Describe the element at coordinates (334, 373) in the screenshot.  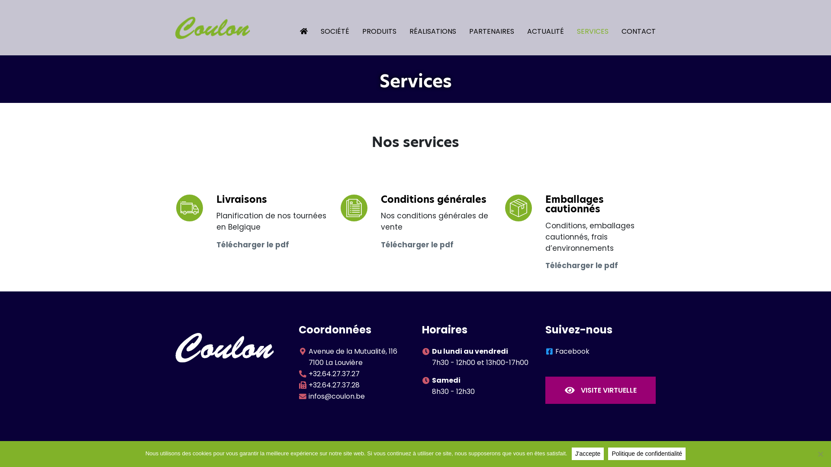
I see `'+32.64.27.37.27'` at that location.